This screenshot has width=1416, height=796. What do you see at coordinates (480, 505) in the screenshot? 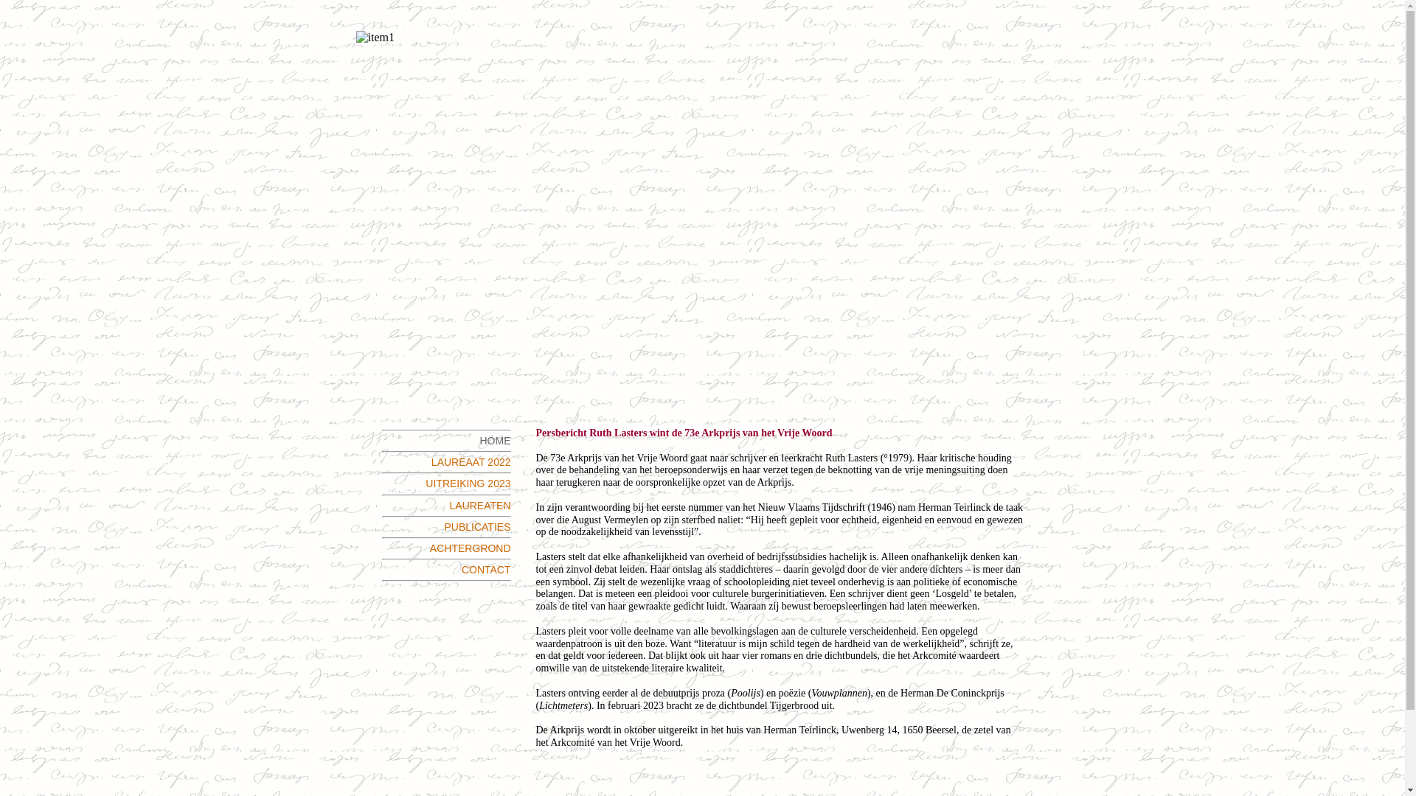
I see `'LAUREATEN'` at bounding box center [480, 505].